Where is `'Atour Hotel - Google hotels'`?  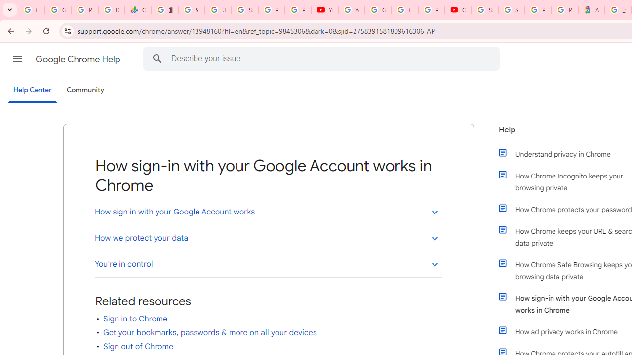
'Atour Hotel - Google hotels' is located at coordinates (592, 10).